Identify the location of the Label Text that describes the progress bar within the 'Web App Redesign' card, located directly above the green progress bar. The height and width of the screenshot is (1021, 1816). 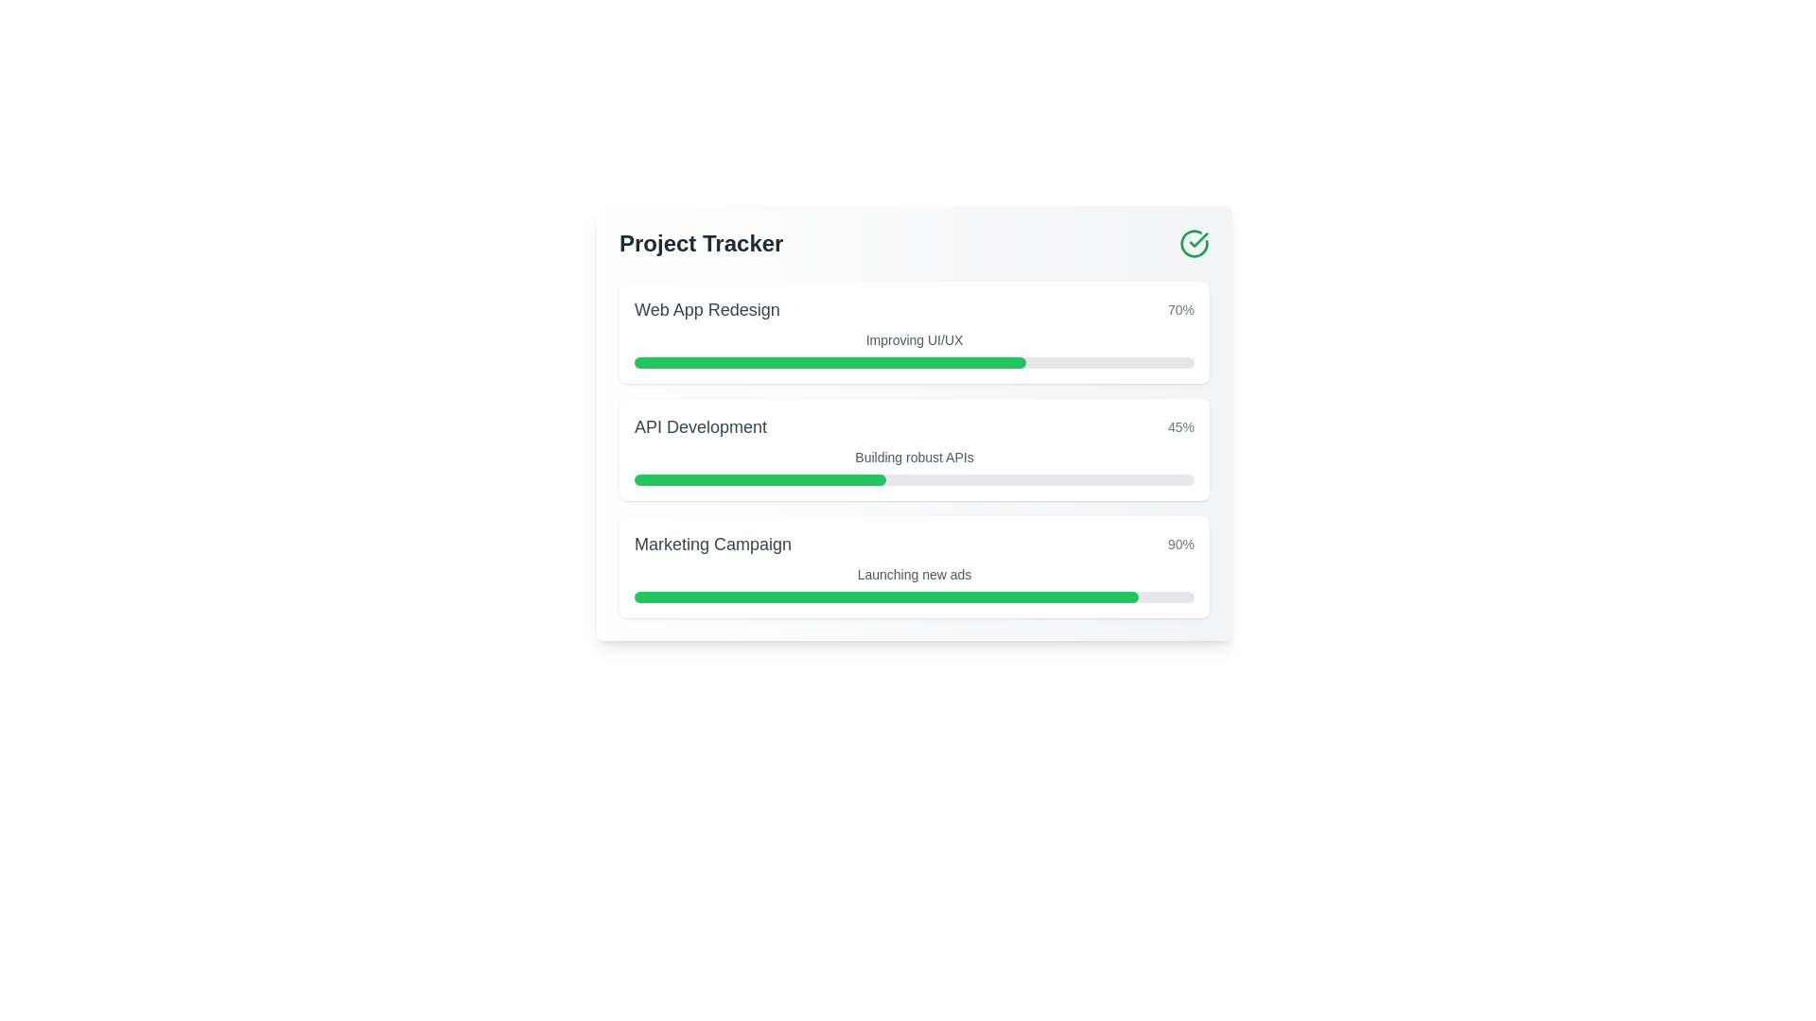
(914, 338).